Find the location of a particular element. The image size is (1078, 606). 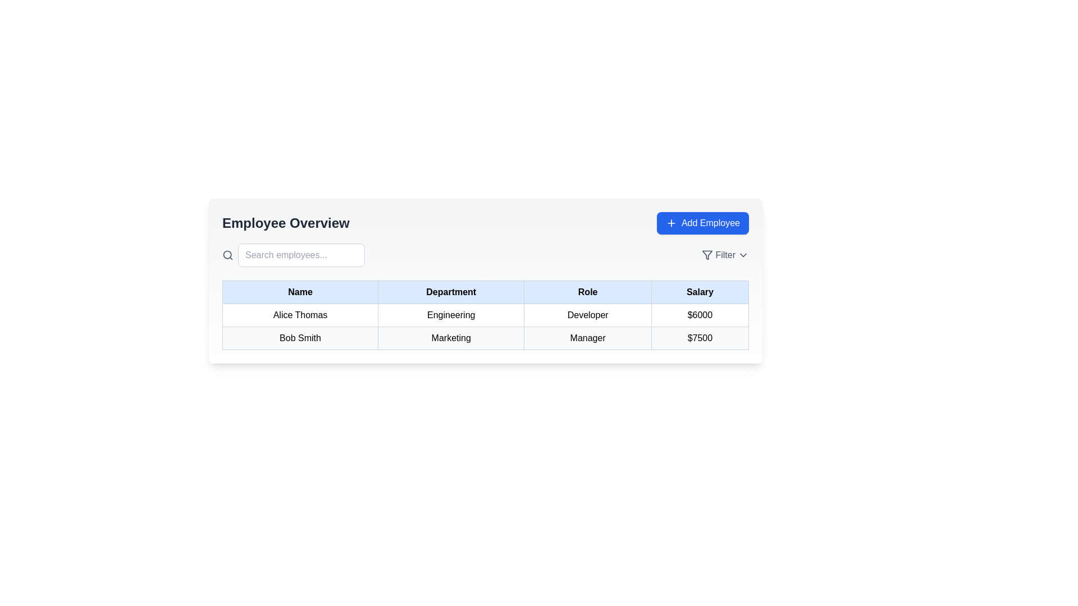

the static text element displaying 'Alice Thomas' located in the first row under the 'Name' column is located at coordinates (300, 315).